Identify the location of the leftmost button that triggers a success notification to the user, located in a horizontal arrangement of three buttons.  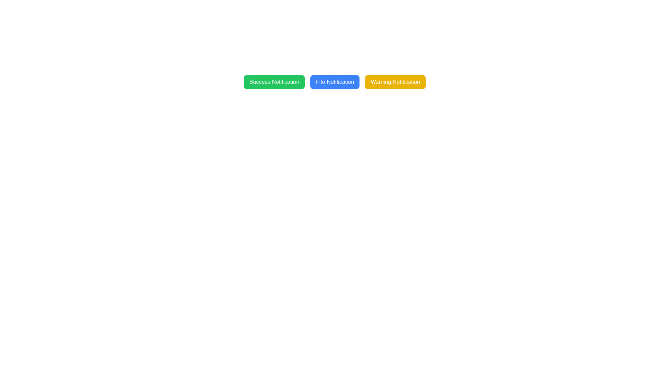
(274, 81).